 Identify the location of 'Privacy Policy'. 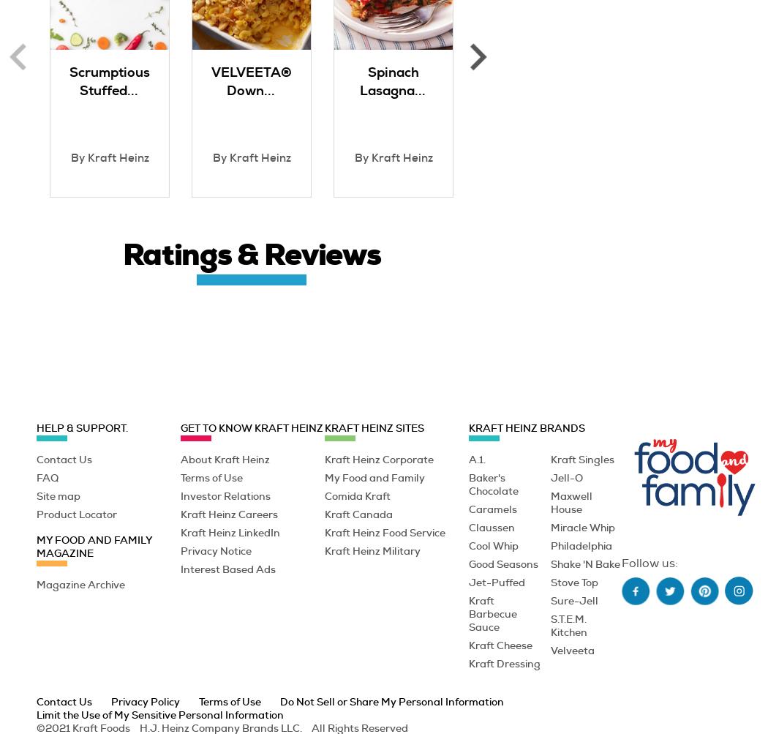
(111, 700).